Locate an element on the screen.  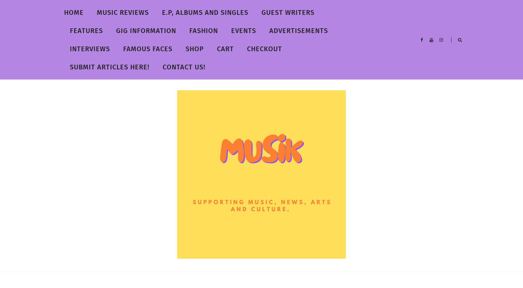
'Musik Magazine' is located at coordinates (106, 269).